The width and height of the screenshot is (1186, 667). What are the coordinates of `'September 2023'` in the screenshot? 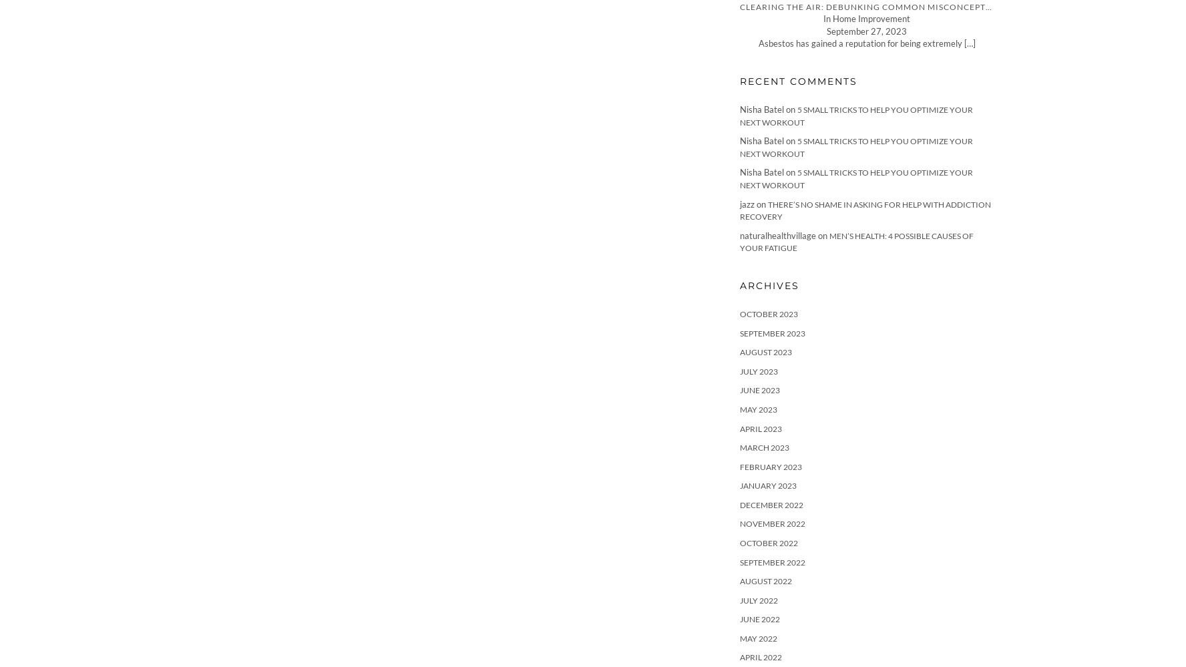 It's located at (773, 332).